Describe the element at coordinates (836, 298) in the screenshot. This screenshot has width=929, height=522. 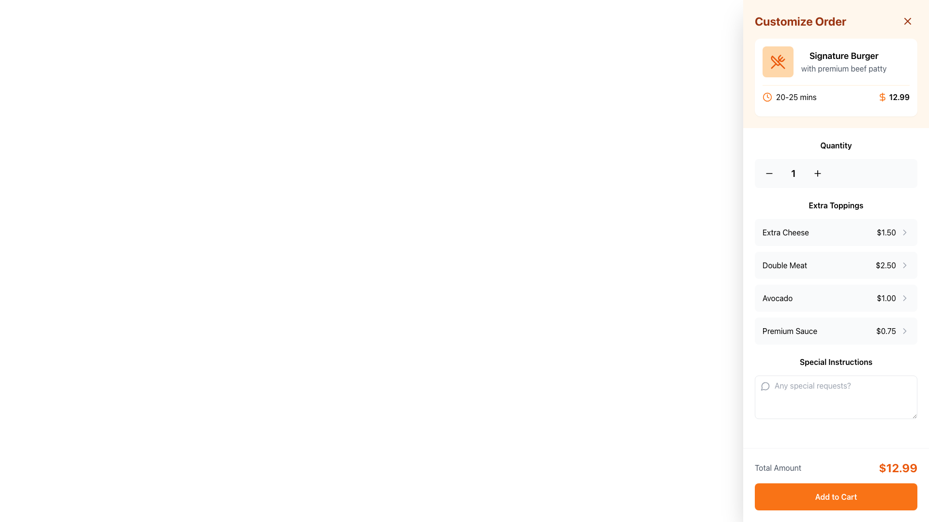
I see `the selectable list item representing an extra topping option in the right-hand column under the 'Extra Toppings' section` at that location.